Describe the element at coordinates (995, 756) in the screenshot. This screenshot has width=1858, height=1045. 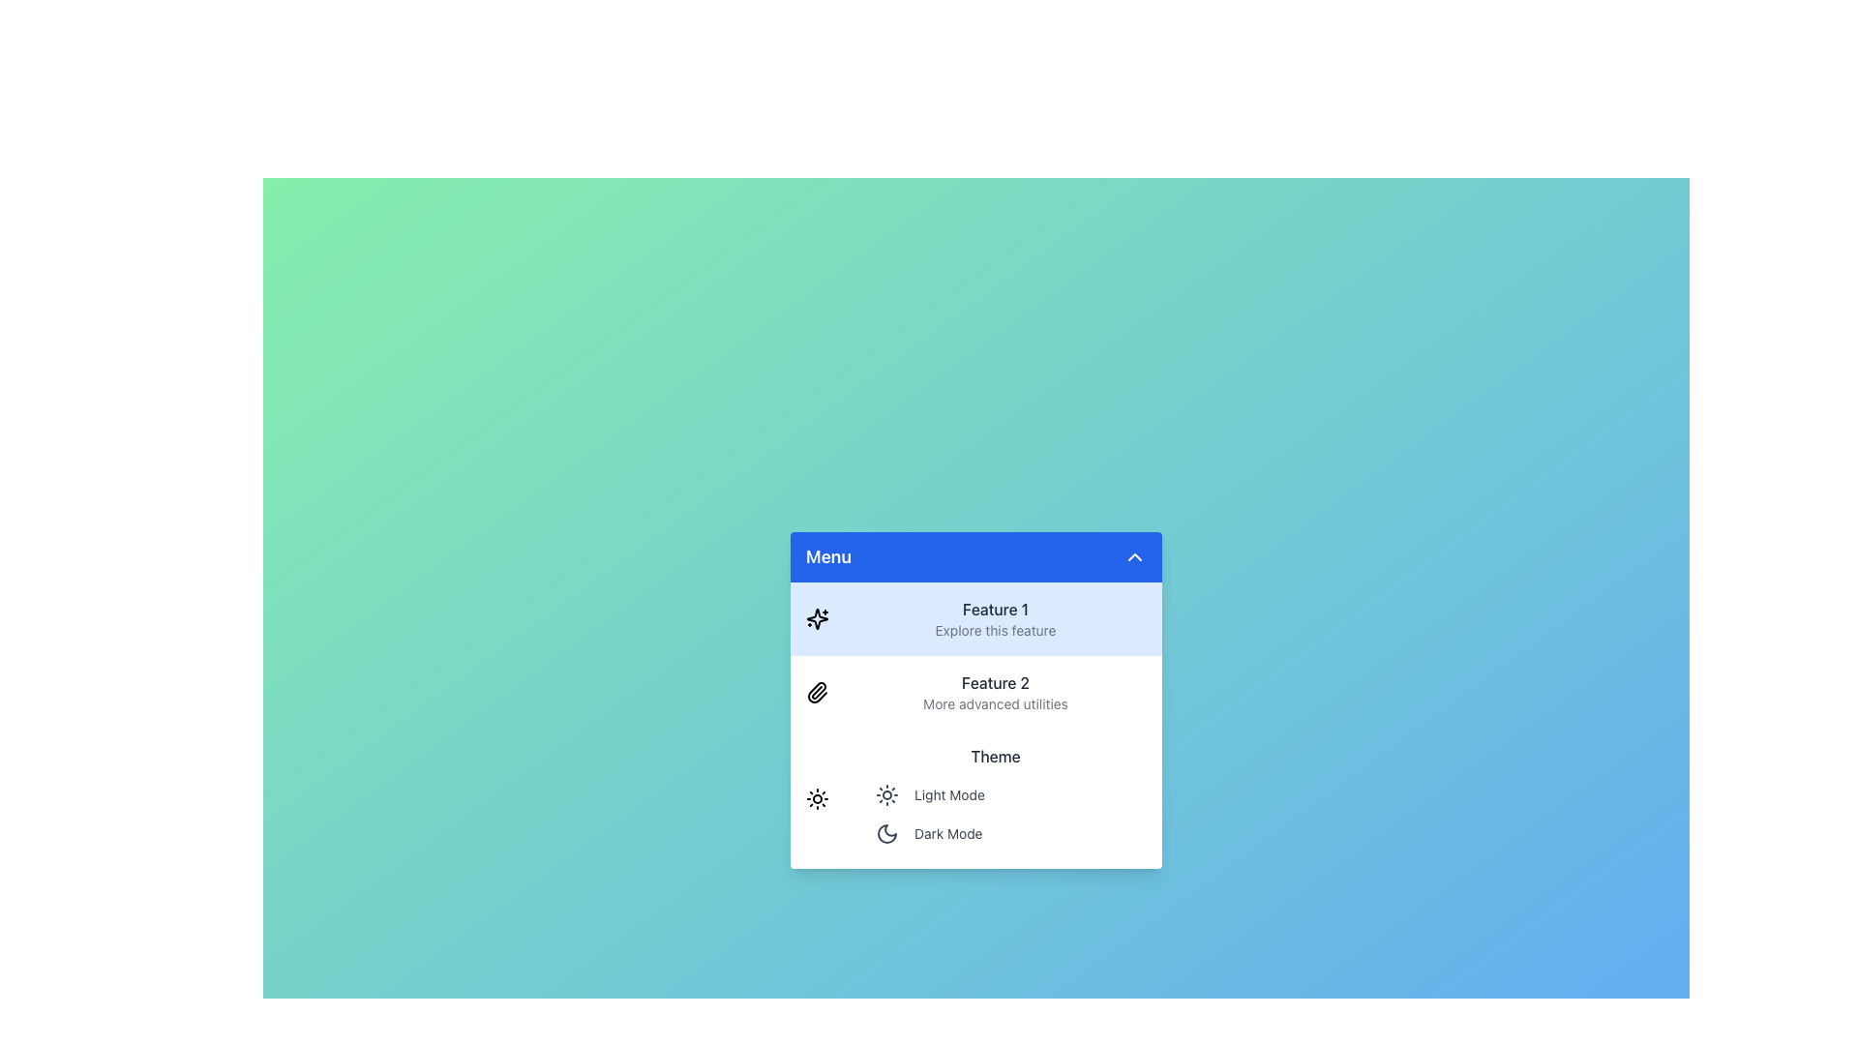
I see `text label that reads 'Theme', which is styled with medium font weight and dark gray color, located immediately below the 'Feature 2' section in the menu interface` at that location.